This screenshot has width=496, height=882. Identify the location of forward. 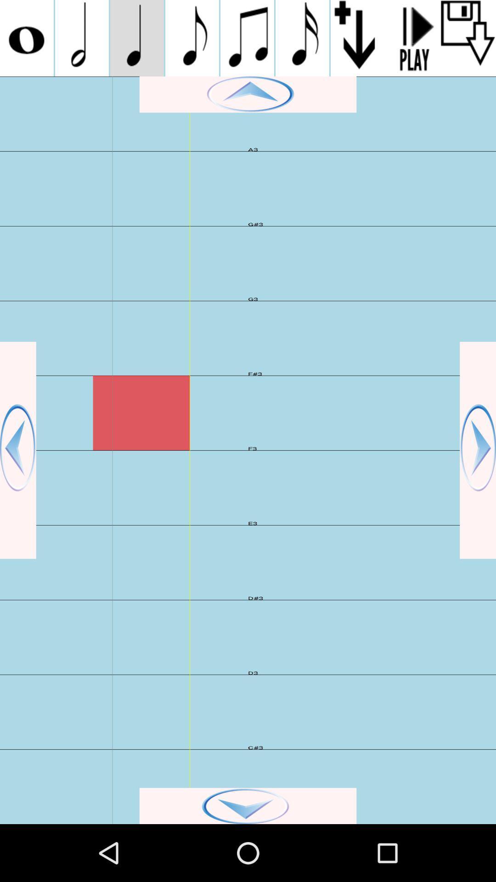
(477, 450).